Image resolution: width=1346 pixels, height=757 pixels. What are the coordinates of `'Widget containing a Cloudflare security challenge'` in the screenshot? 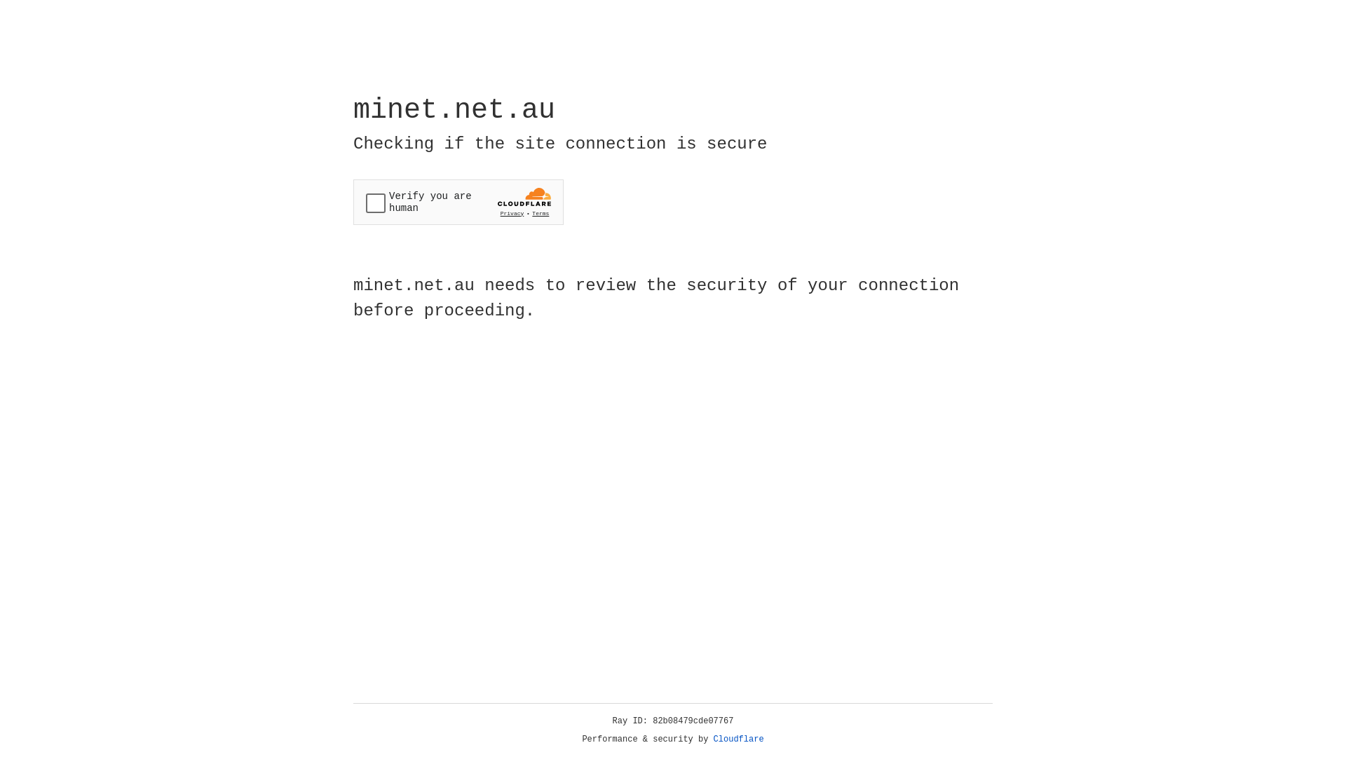 It's located at (458, 202).